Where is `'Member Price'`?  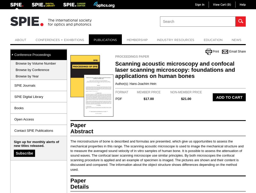
'Member Price' is located at coordinates (148, 92).